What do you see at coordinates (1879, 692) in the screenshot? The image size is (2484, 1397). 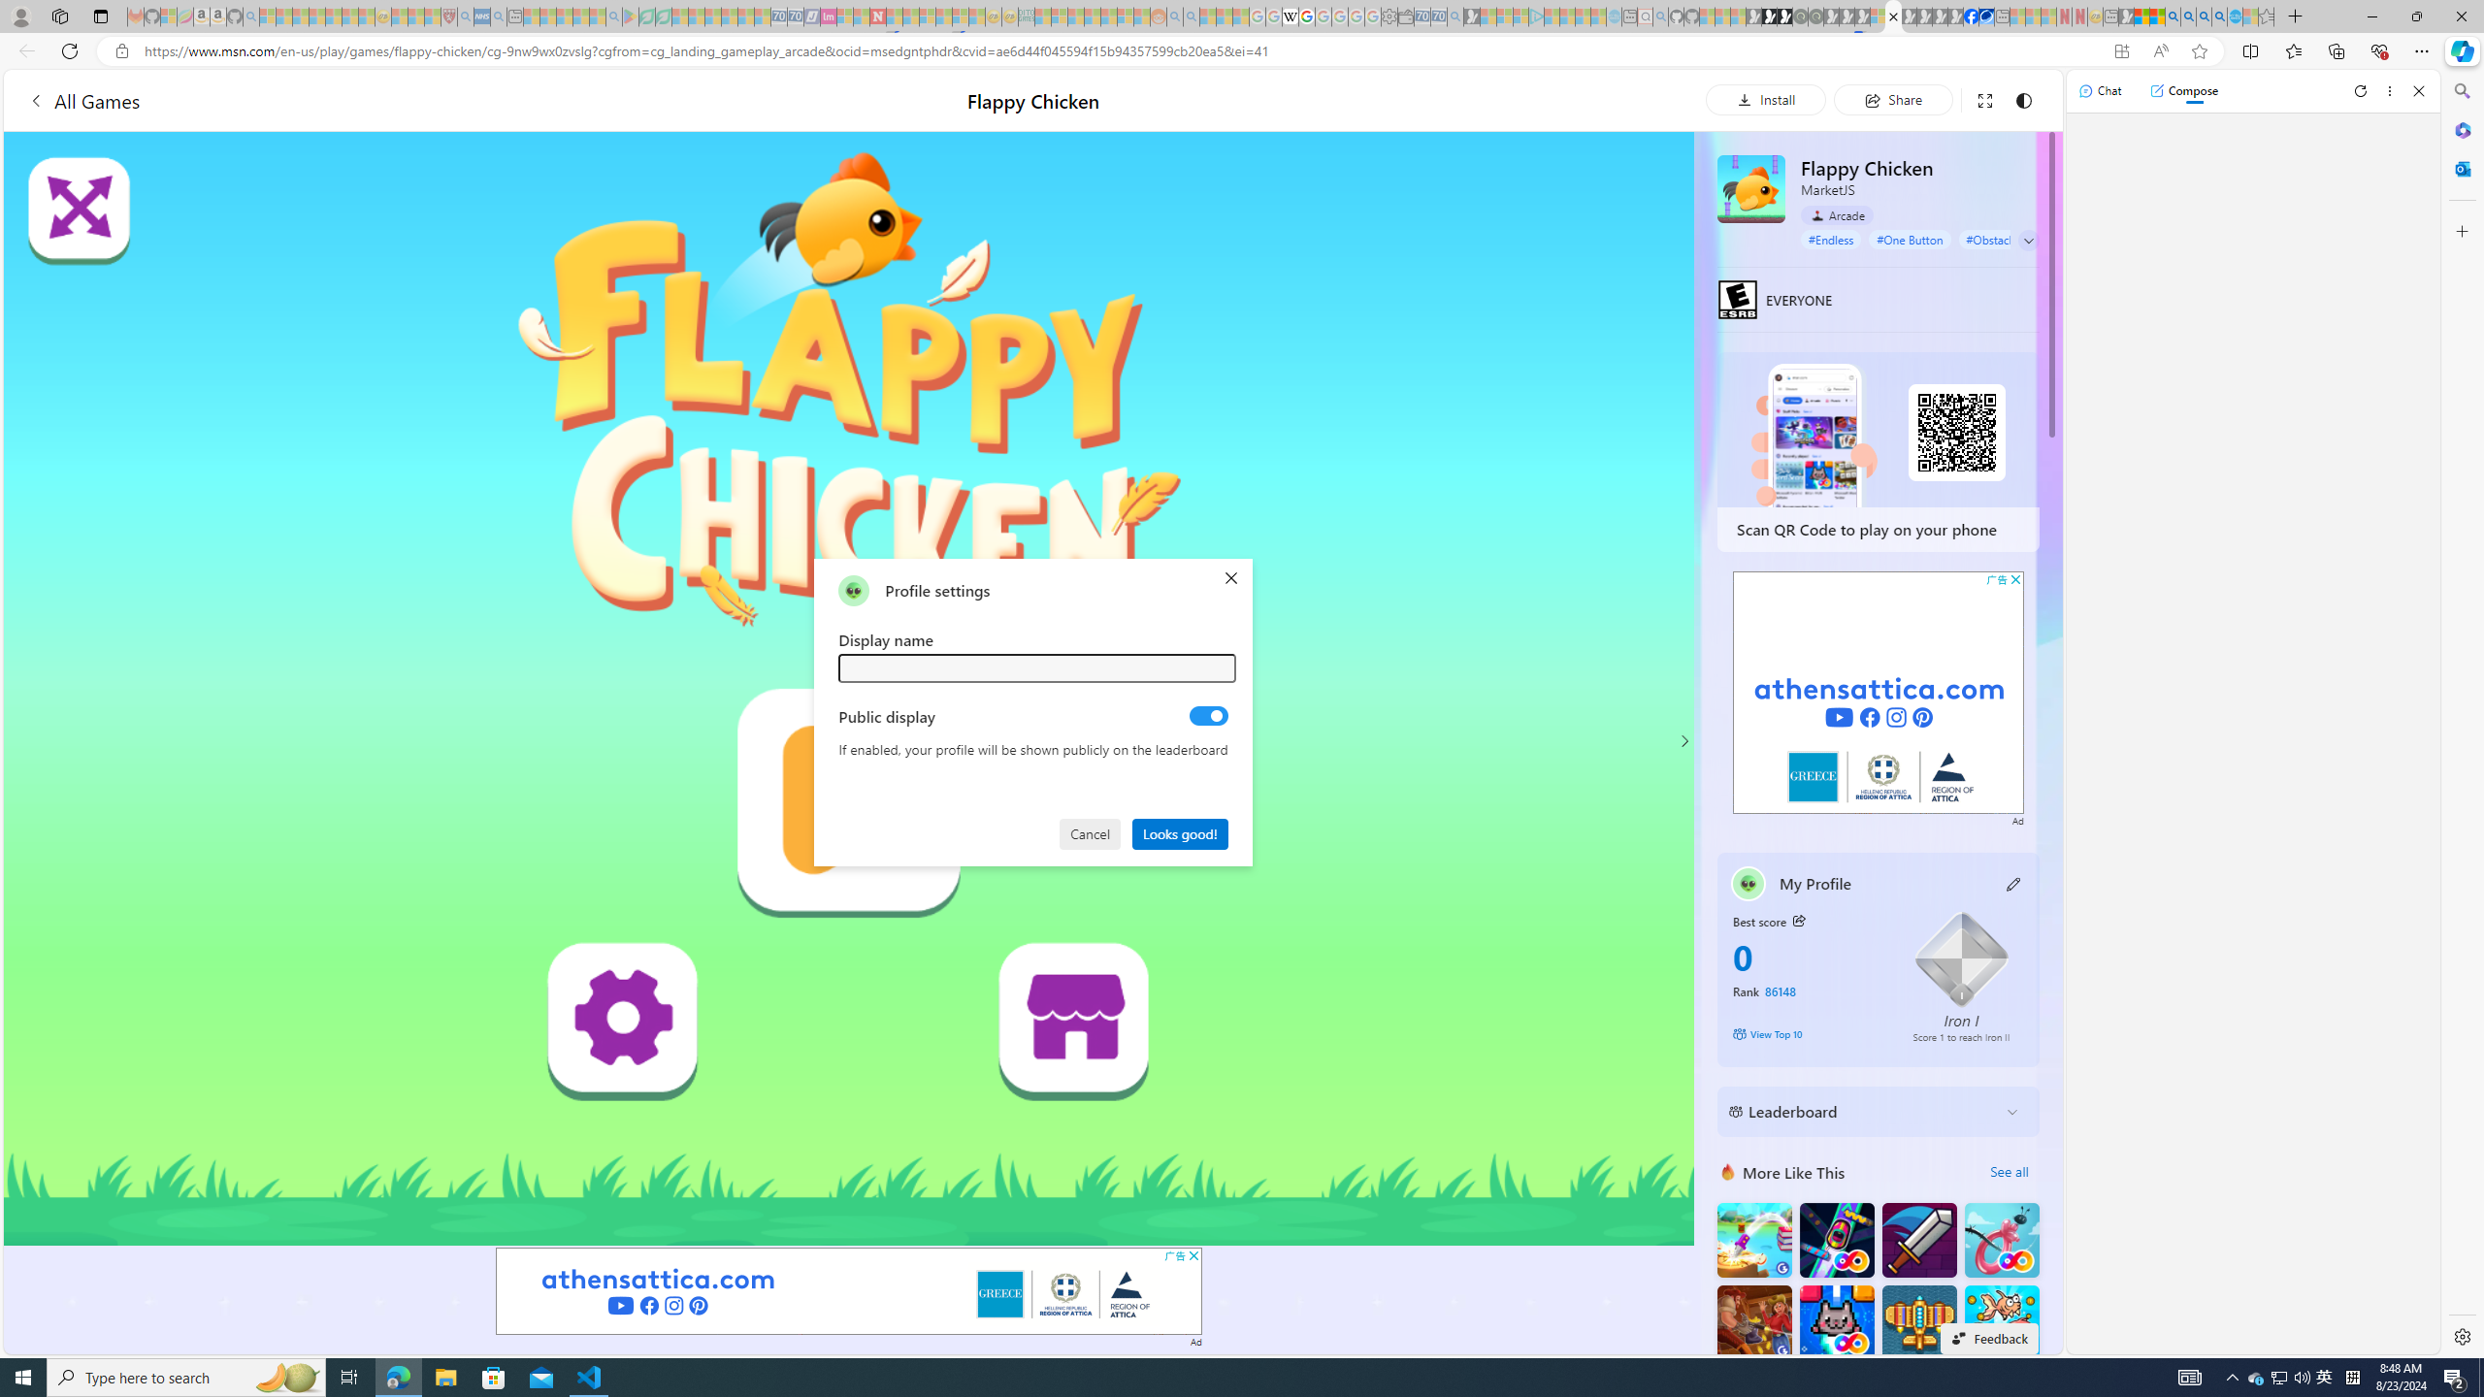 I see `'Advertisement'` at bounding box center [1879, 692].